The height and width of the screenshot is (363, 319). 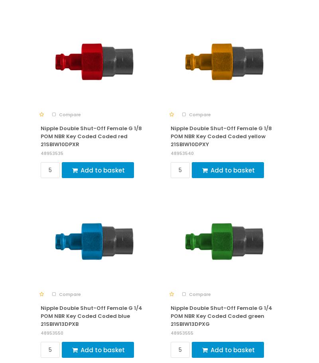 What do you see at coordinates (36, 269) in the screenshot?
I see `'Company profile'` at bounding box center [36, 269].